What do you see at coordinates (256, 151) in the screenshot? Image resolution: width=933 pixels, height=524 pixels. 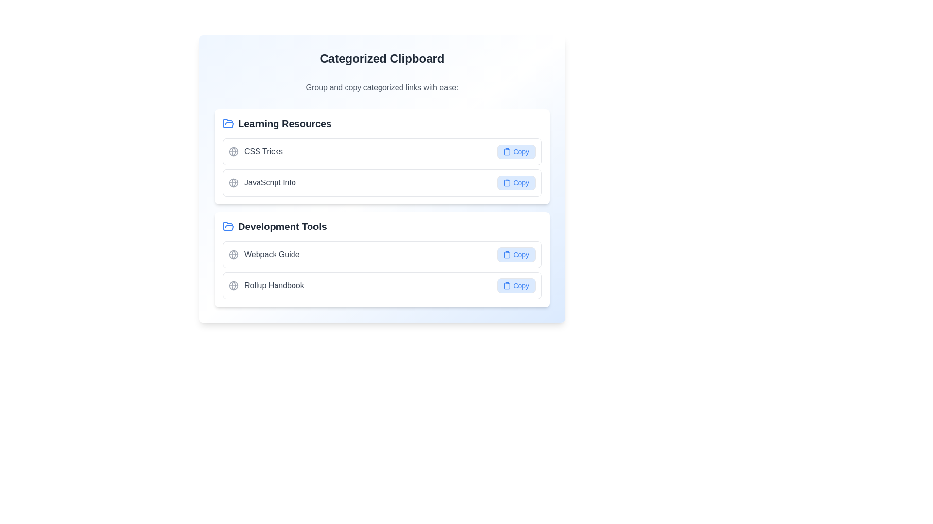 I see `the 'CSS Tricks' link` at bounding box center [256, 151].